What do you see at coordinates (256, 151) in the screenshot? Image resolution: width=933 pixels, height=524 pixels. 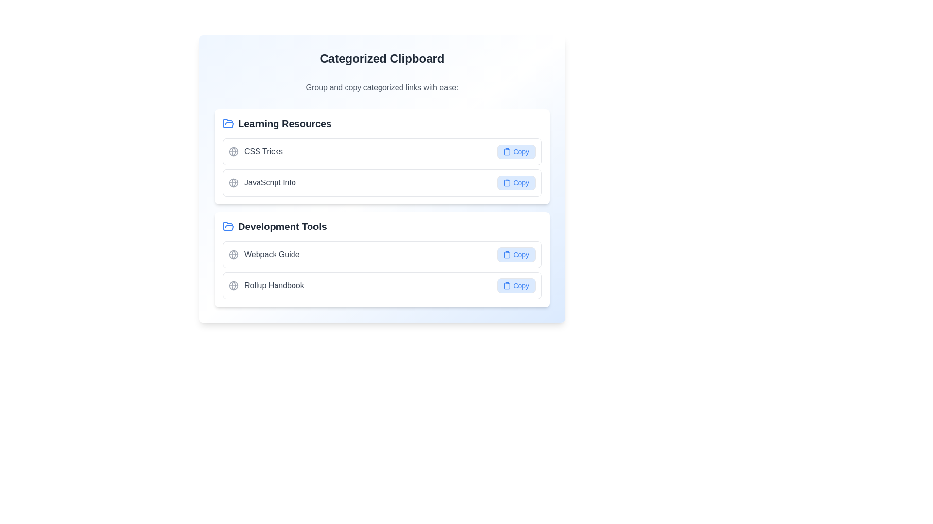 I see `the 'CSS Tricks' link` at bounding box center [256, 151].